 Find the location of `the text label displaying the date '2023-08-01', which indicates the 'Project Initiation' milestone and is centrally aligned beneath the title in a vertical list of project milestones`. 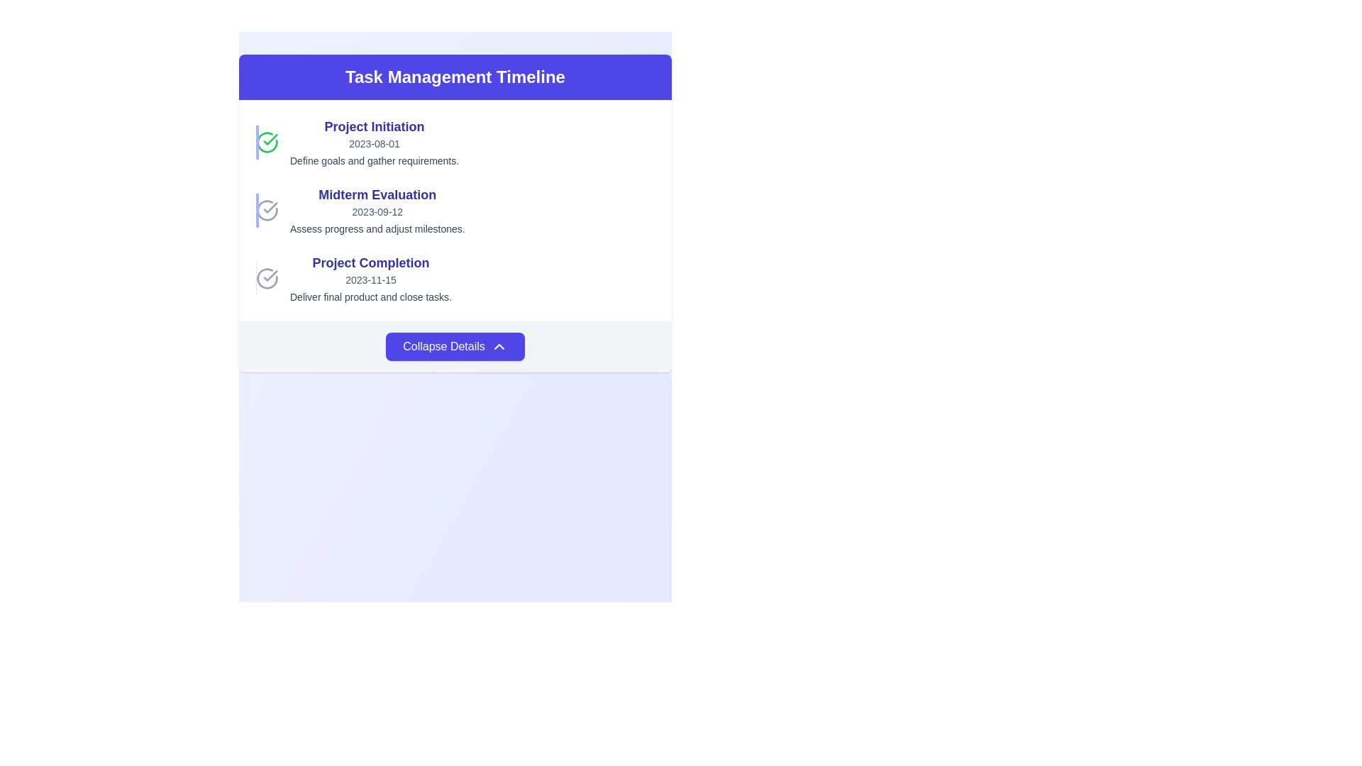

the text label displaying the date '2023-08-01', which indicates the 'Project Initiation' milestone and is centrally aligned beneath the title in a vertical list of project milestones is located at coordinates (375, 144).